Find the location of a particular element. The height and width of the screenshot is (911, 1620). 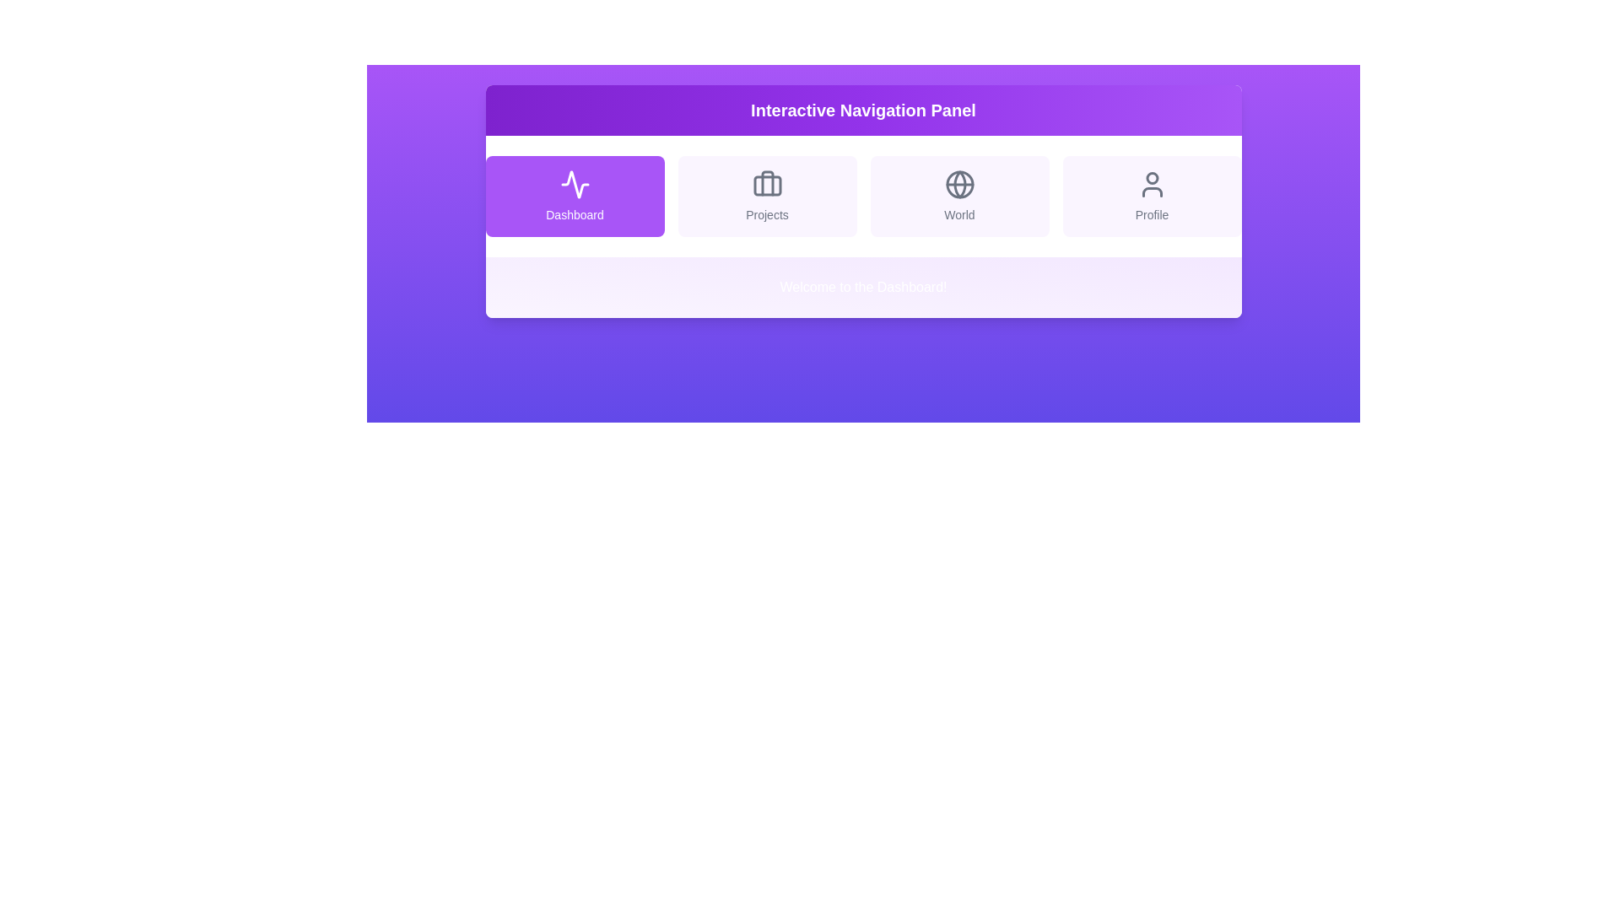

the 'Dashboard' text label, which is styled with a smaller font size and positioned below a graphical icon within a rounded rectangular area with a purple background is located at coordinates (575, 213).